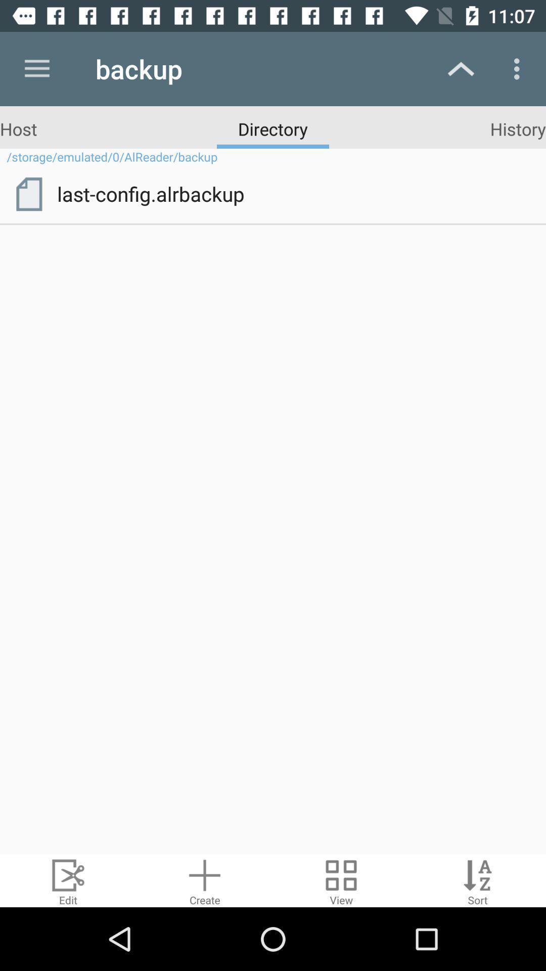  I want to click on item below storage emulated 0 item, so click(294, 194).